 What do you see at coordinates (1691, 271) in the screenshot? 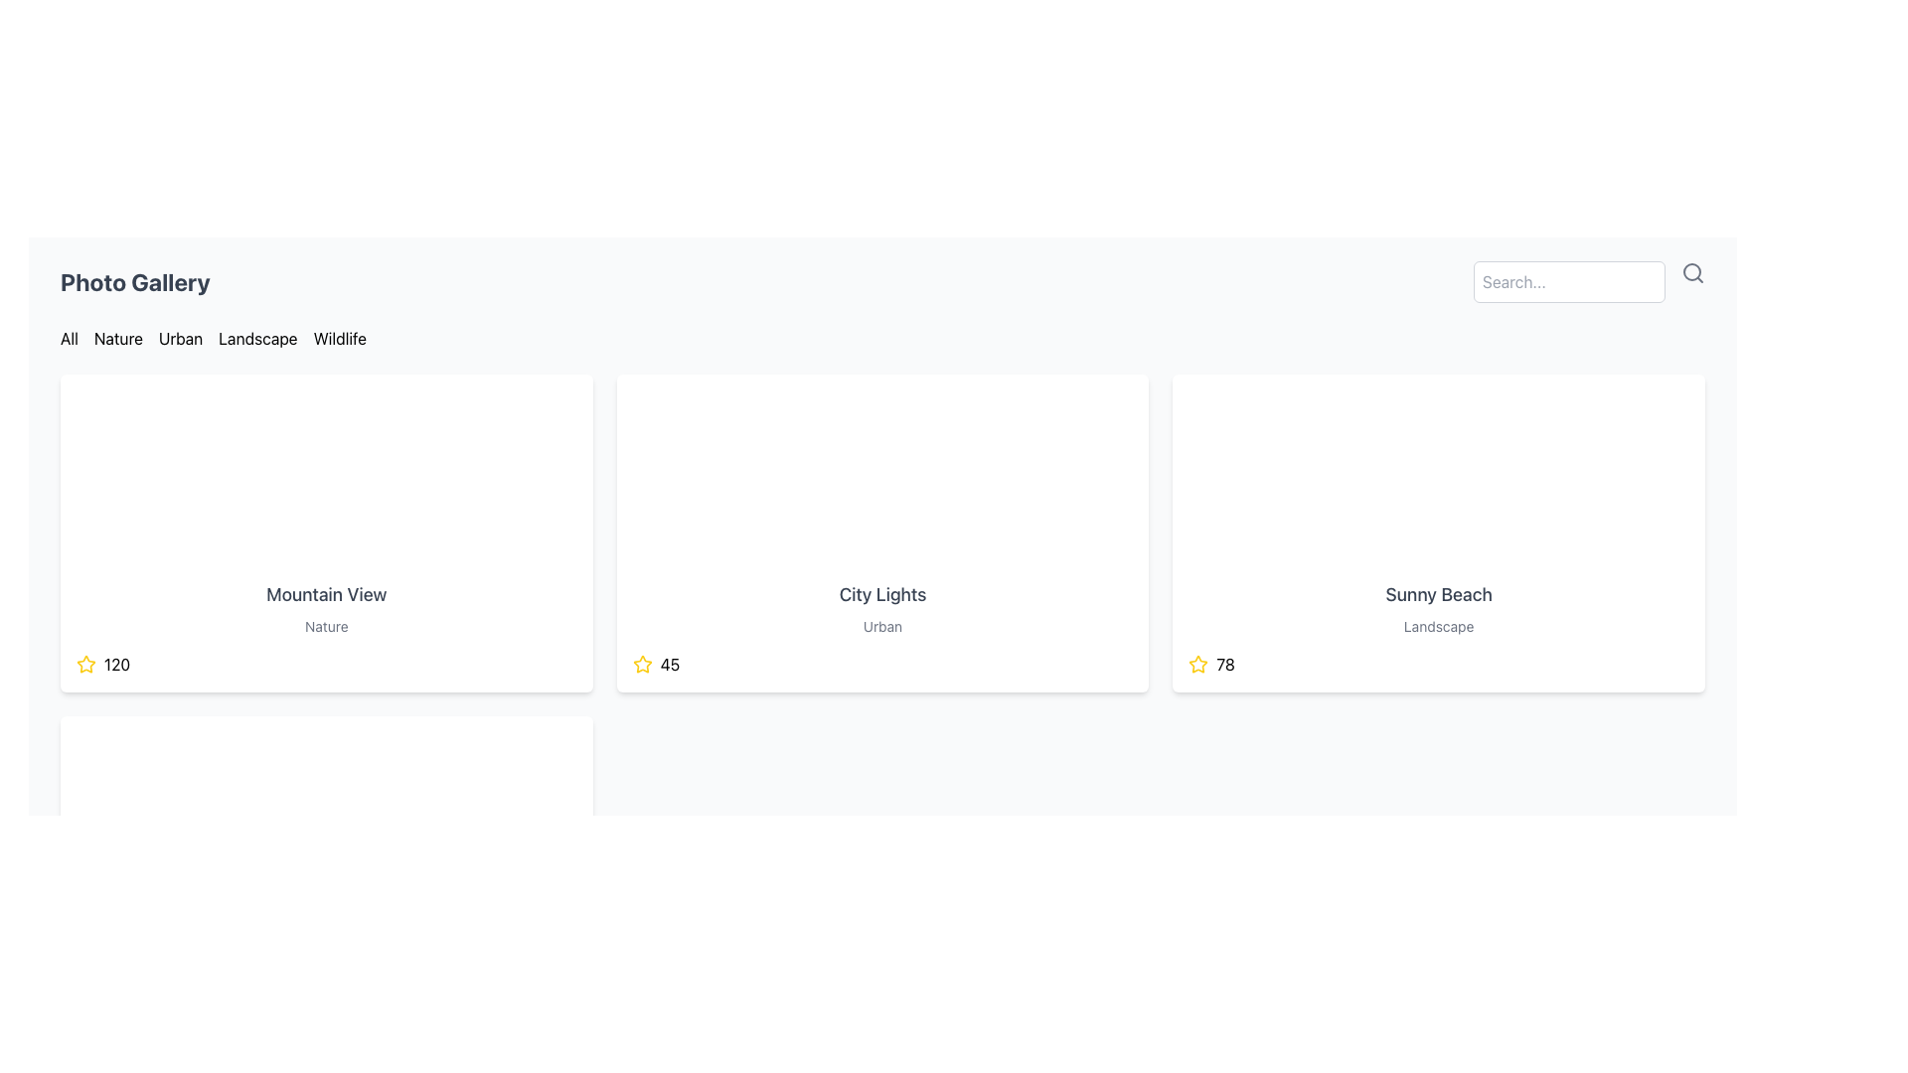
I see `the decorative circle element of the search icon located at the top-right of the interface` at bounding box center [1691, 271].